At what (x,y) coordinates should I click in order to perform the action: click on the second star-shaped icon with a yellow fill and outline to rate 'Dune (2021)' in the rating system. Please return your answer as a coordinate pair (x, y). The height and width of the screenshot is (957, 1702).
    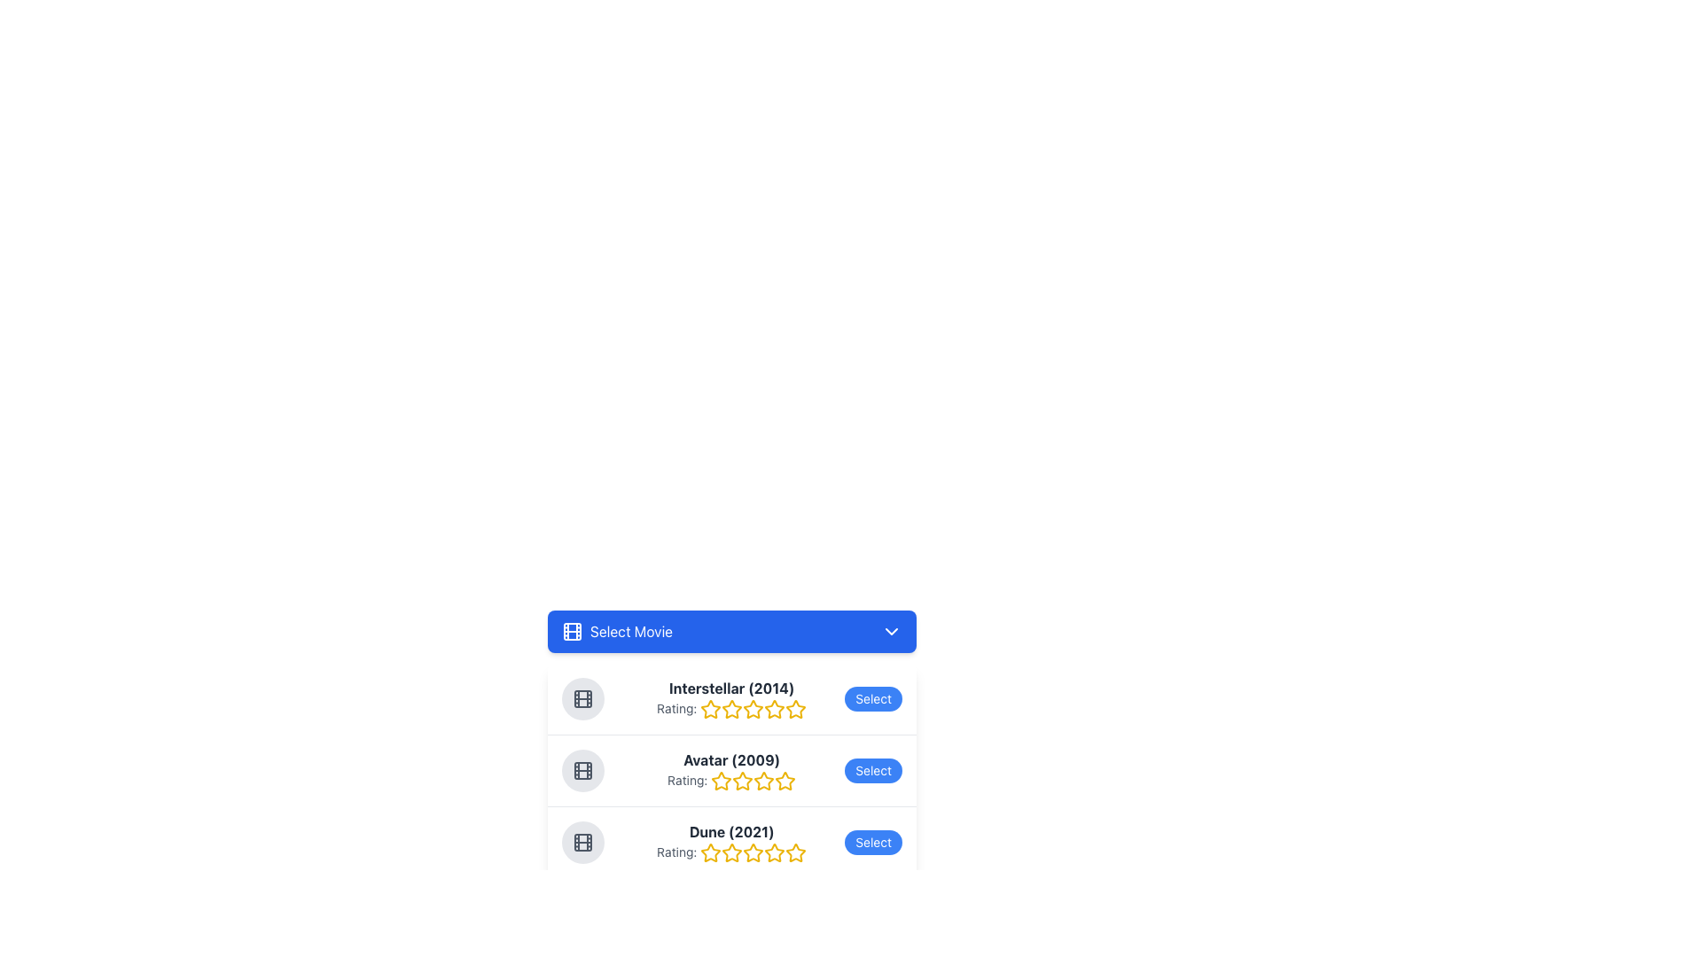
    Looking at the image, I should click on (732, 852).